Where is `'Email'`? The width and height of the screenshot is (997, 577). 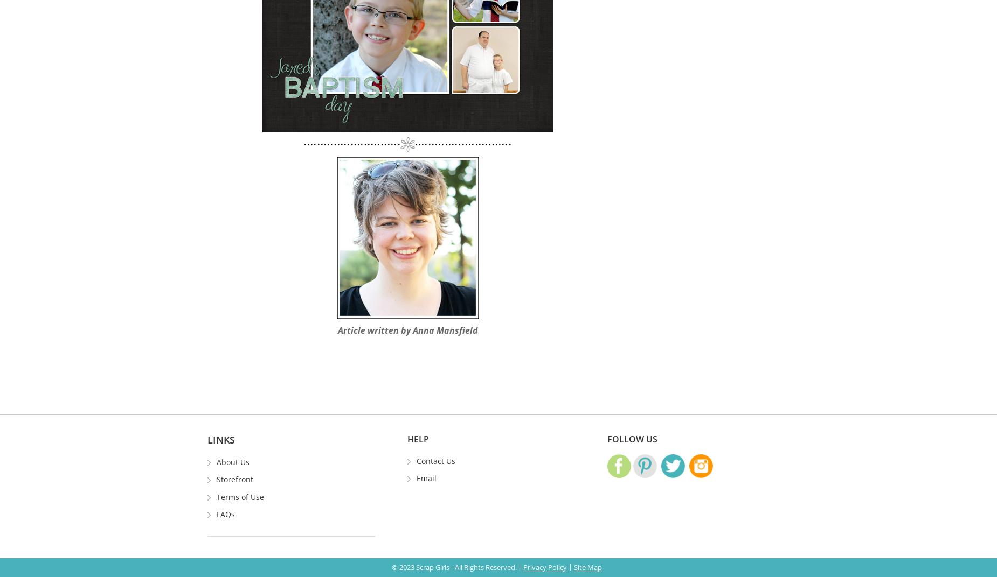 'Email' is located at coordinates (426, 478).